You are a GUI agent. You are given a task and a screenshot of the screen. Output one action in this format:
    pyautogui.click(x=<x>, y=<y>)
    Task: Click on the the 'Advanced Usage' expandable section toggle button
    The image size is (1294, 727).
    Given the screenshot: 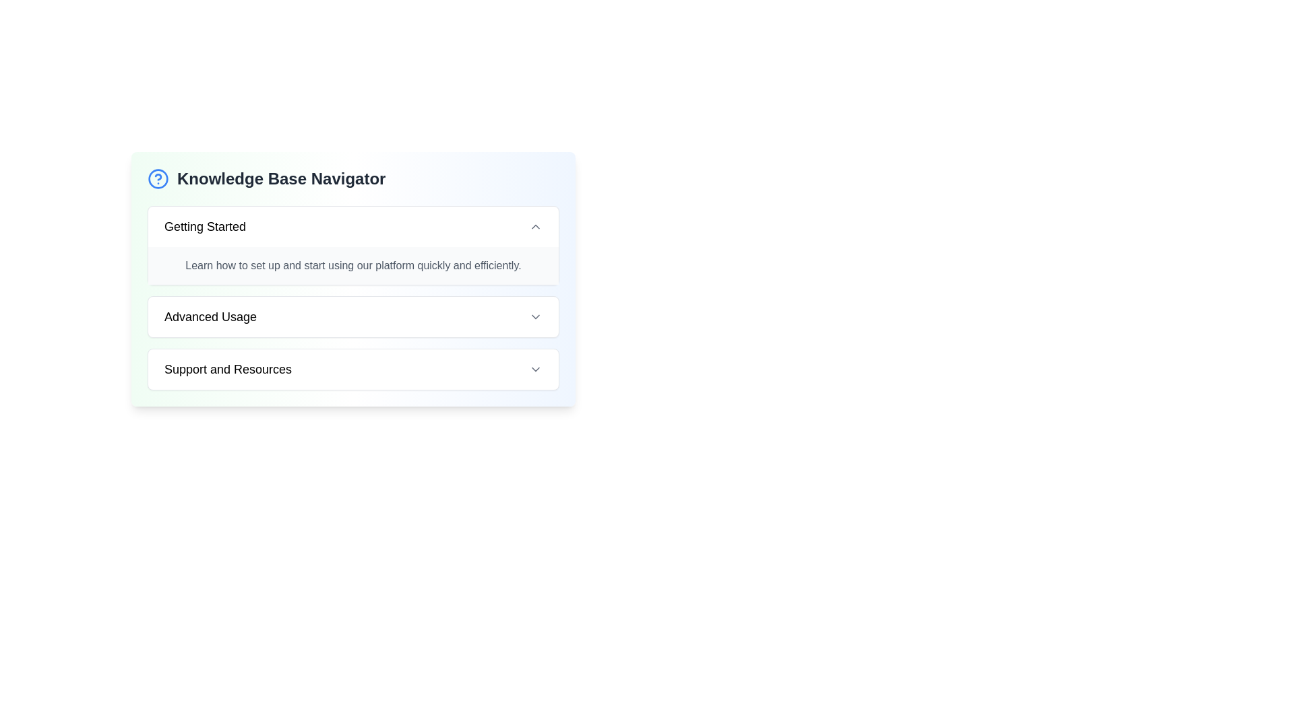 What is the action you would take?
    pyautogui.click(x=353, y=316)
    